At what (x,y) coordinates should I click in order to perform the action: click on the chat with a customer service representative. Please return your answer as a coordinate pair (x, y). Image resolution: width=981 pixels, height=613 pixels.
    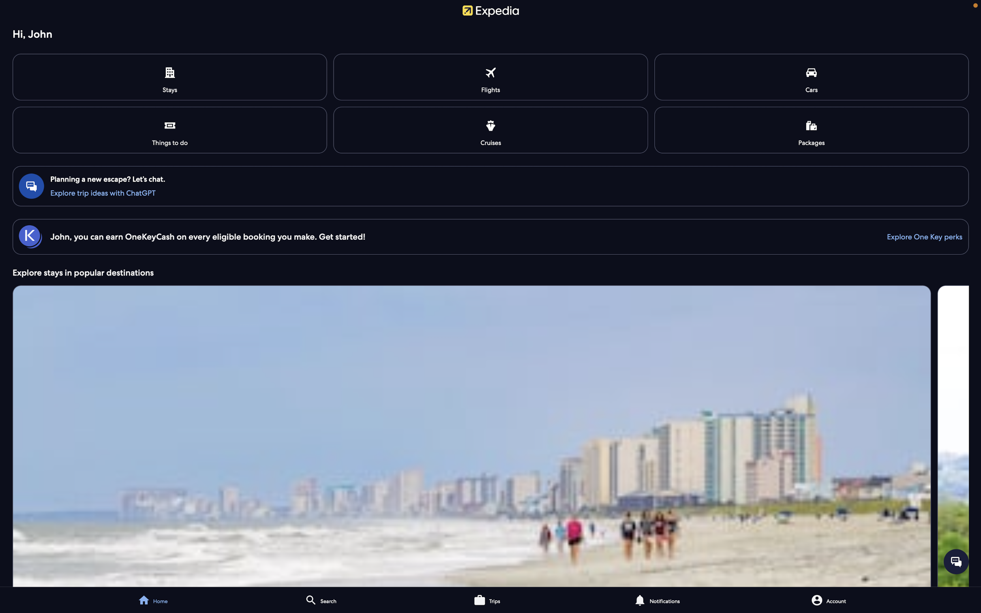
    Looking at the image, I should click on (956, 561).